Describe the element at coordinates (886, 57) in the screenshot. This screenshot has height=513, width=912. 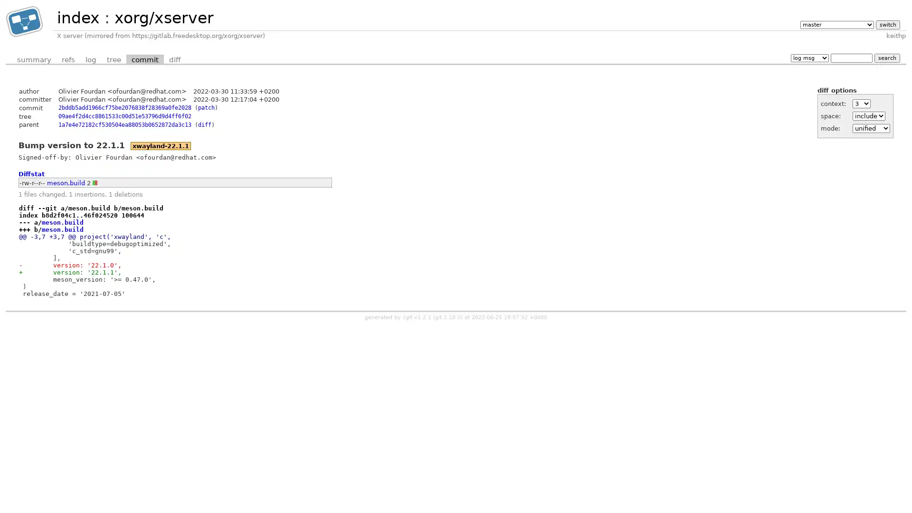
I see `search` at that location.